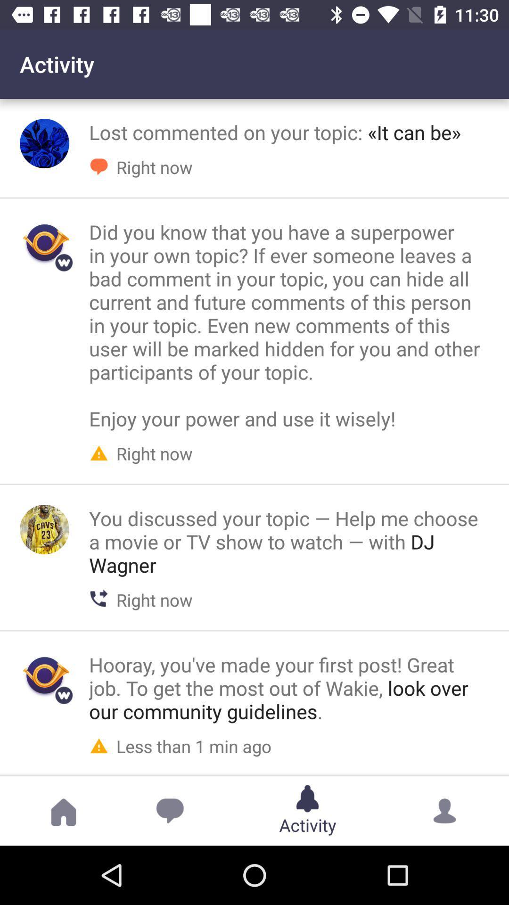 The width and height of the screenshot is (509, 905). What do you see at coordinates (44, 243) in the screenshot?
I see `image in the second row` at bounding box center [44, 243].